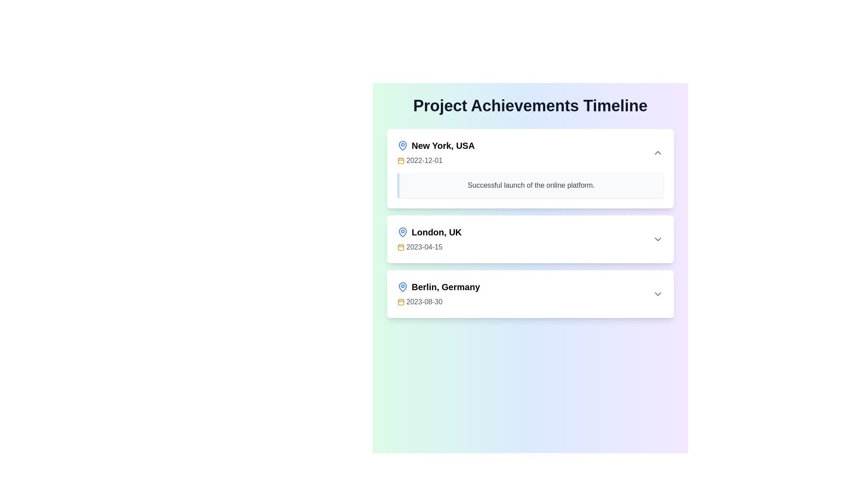  What do you see at coordinates (402, 287) in the screenshot?
I see `the blue-colored map pin icon located to the left of the text 'Berlin, Germany' at the bottommost section of the timeline entries` at bounding box center [402, 287].